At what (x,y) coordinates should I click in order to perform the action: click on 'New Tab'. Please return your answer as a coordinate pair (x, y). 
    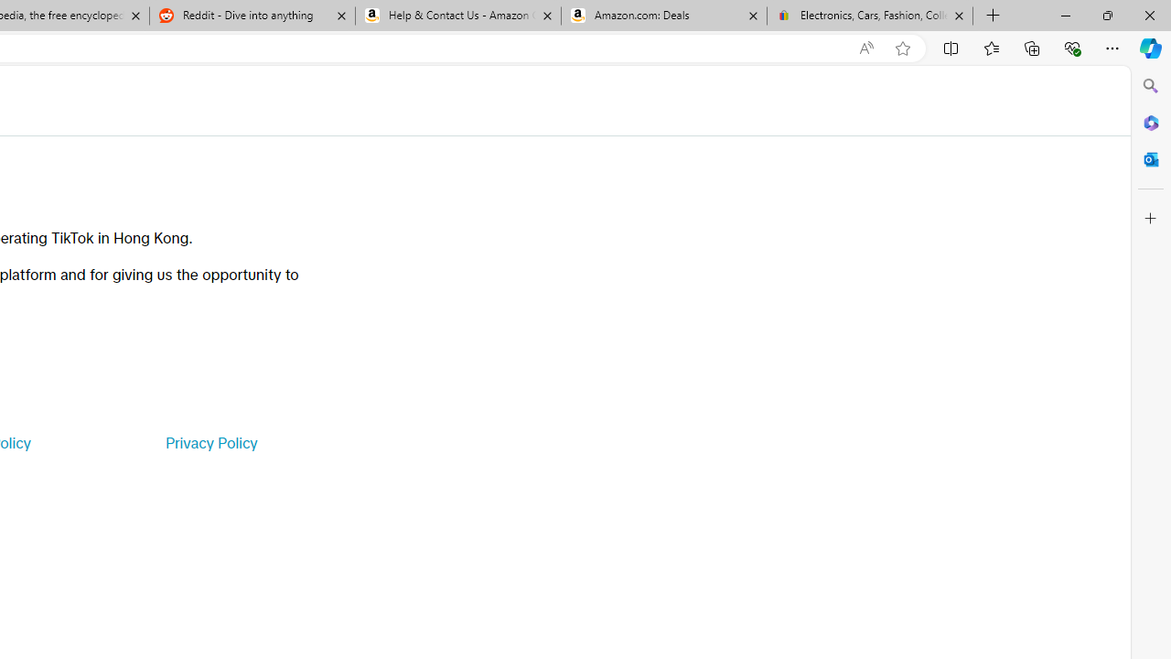
    Looking at the image, I should click on (993, 16).